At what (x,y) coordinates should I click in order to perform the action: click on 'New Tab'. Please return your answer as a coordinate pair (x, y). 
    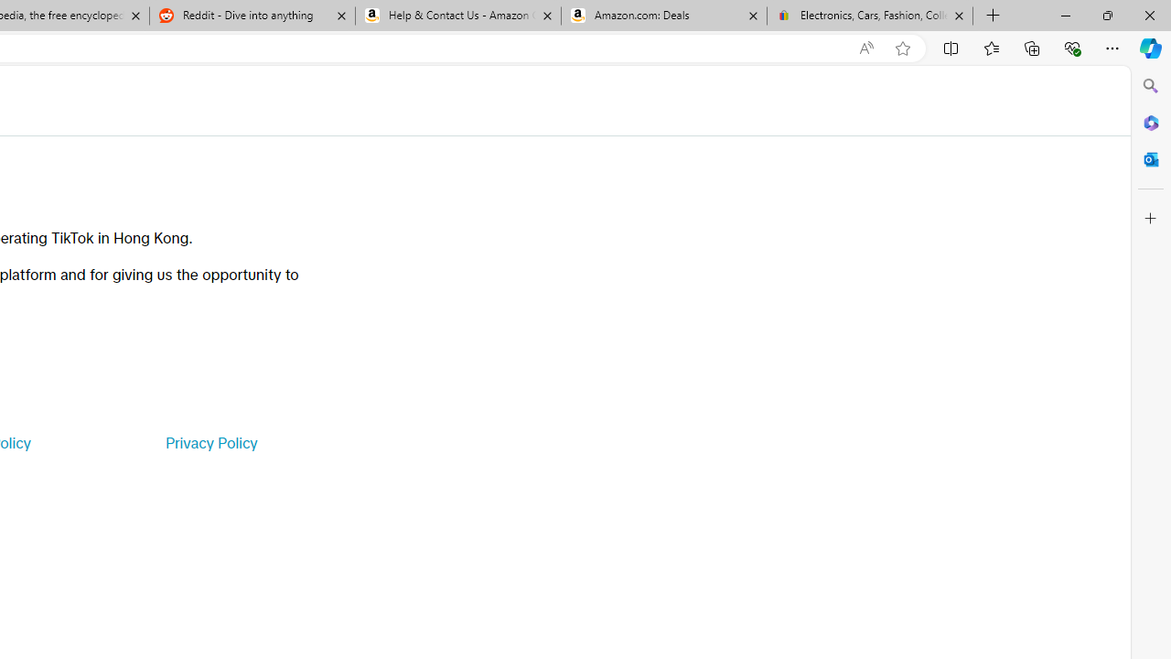
    Looking at the image, I should click on (993, 16).